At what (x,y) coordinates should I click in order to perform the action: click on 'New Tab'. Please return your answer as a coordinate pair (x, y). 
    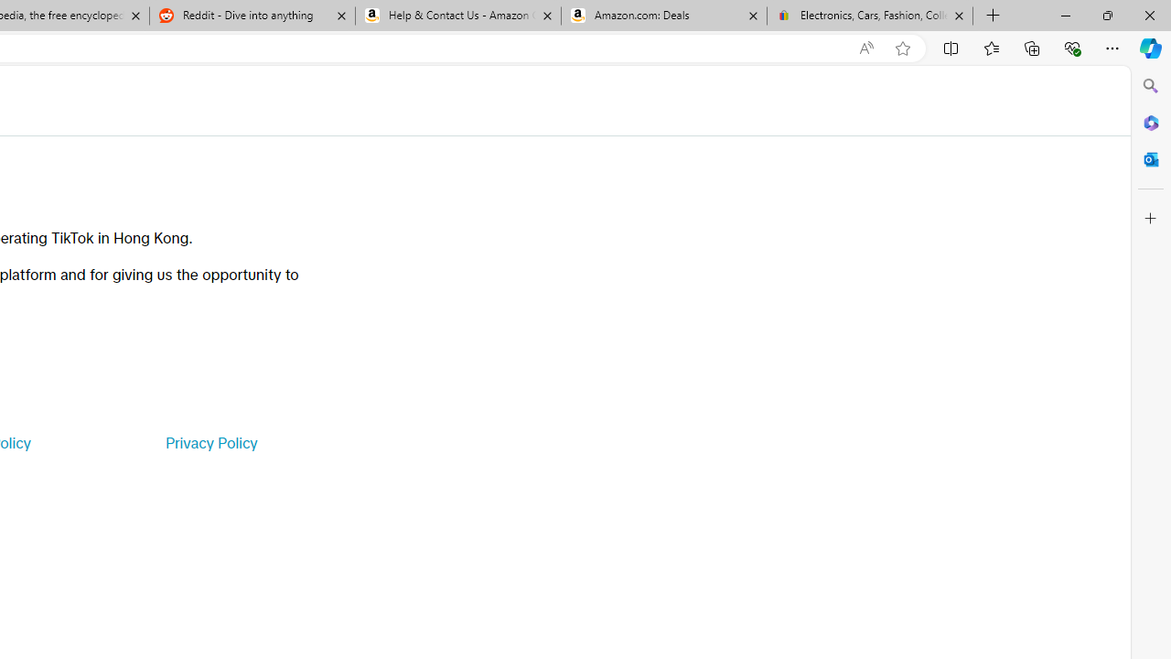
    Looking at the image, I should click on (993, 16).